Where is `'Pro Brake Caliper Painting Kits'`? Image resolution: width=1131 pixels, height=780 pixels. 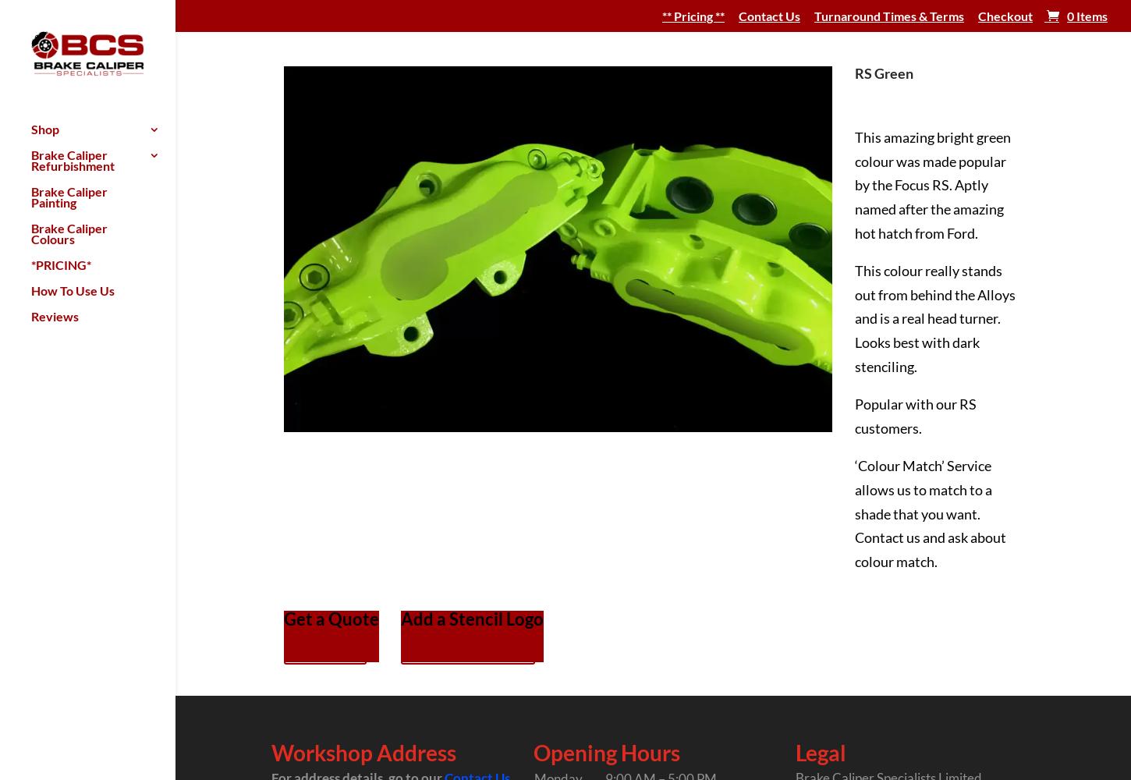
'Pro Brake Caliper Painting Kits' is located at coordinates (258, 202).